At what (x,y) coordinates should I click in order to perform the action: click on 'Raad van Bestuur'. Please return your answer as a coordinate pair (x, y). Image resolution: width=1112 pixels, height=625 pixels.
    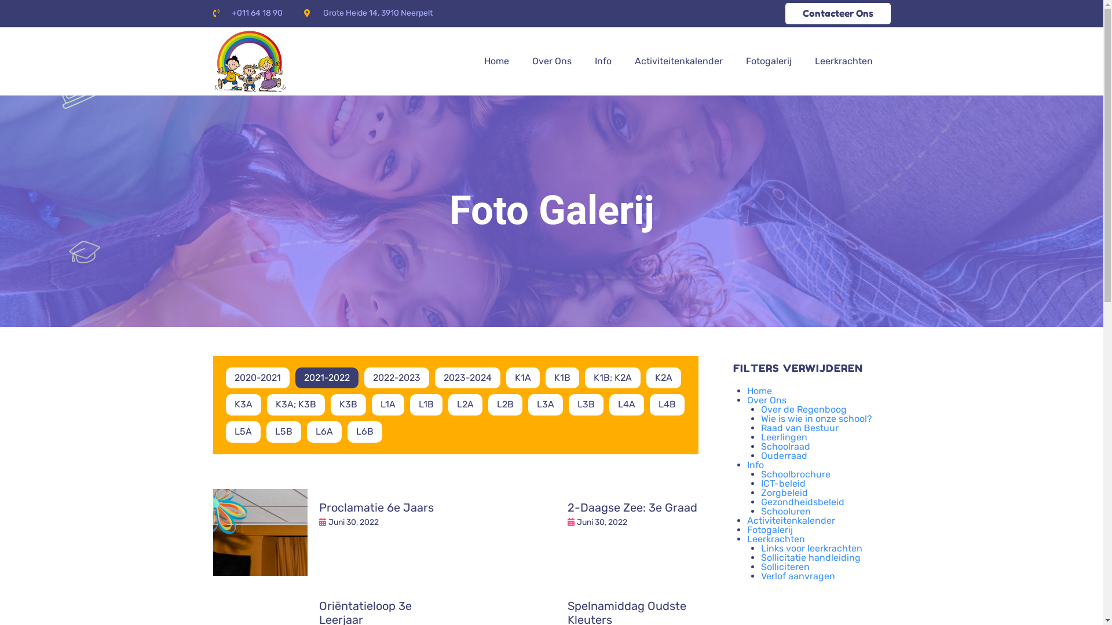
    Looking at the image, I should click on (799, 428).